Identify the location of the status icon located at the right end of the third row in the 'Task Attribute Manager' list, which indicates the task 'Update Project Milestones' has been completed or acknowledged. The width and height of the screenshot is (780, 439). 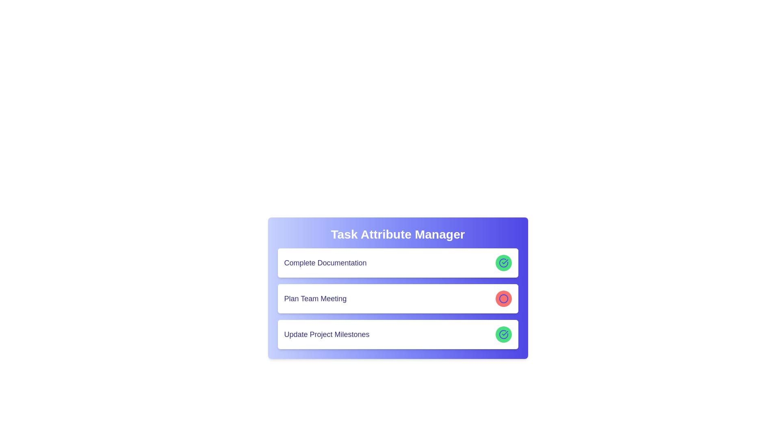
(503, 334).